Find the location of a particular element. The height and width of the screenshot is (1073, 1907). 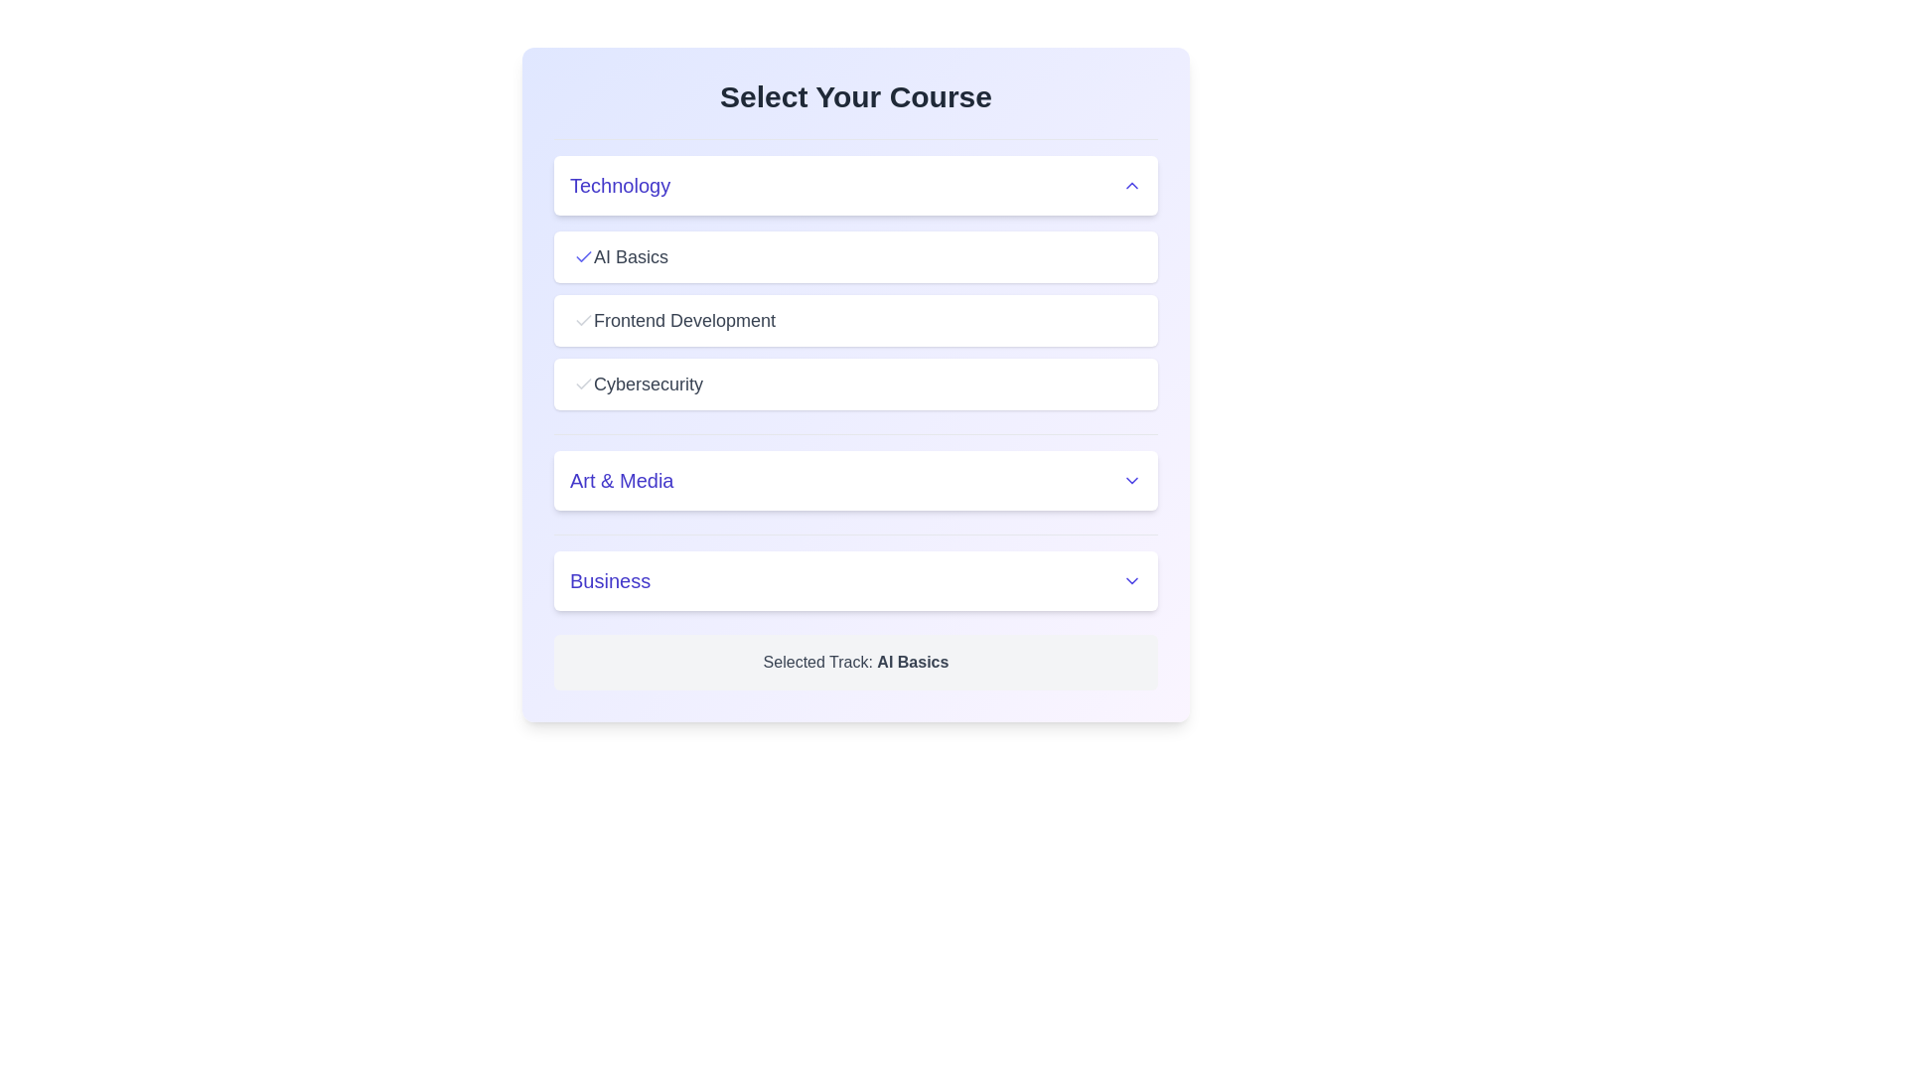

the 'Business' dropdown menu button, which is a rectangular button with a white background and blue border located beneath the 'Art & Media' group is located at coordinates (856, 581).